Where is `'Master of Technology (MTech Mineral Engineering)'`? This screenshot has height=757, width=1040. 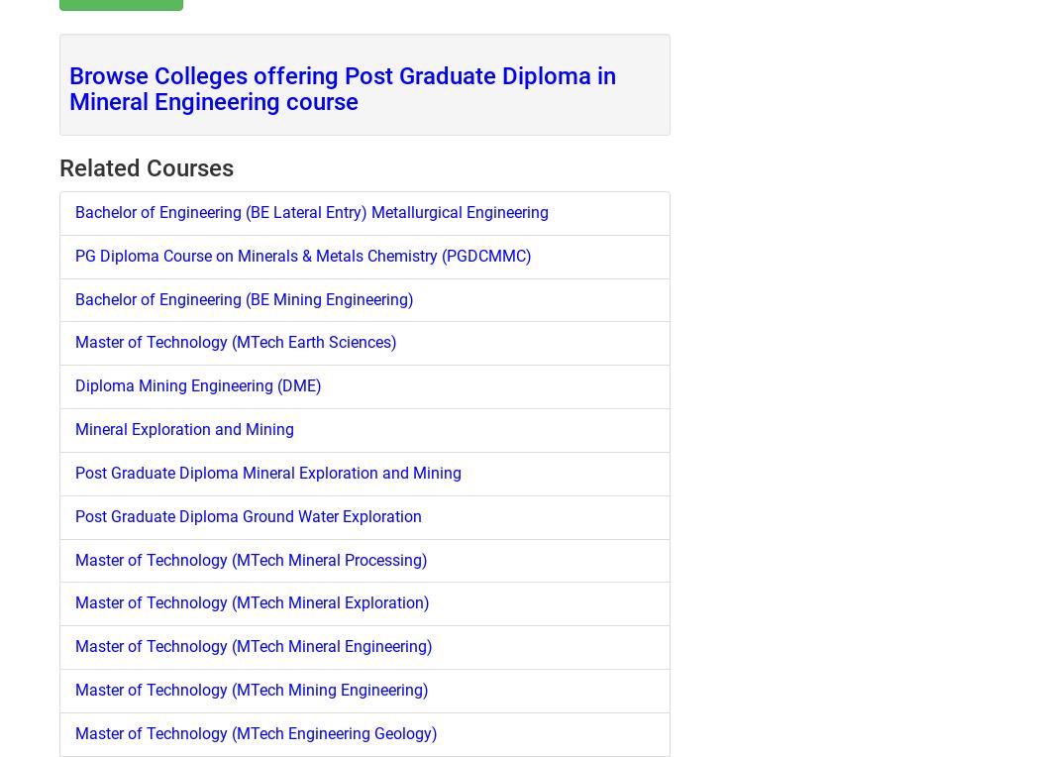 'Master of Technology (MTech Mineral Engineering)' is located at coordinates (75, 646).